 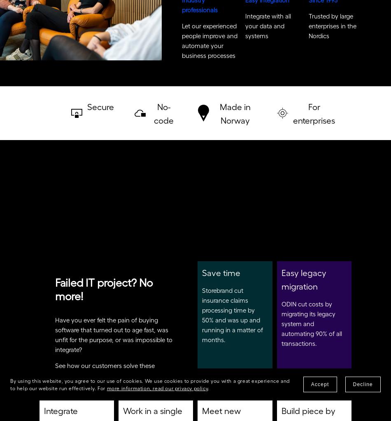 I want to click on 'Trusted by large enterprises in the Nordics', so click(x=307, y=28).